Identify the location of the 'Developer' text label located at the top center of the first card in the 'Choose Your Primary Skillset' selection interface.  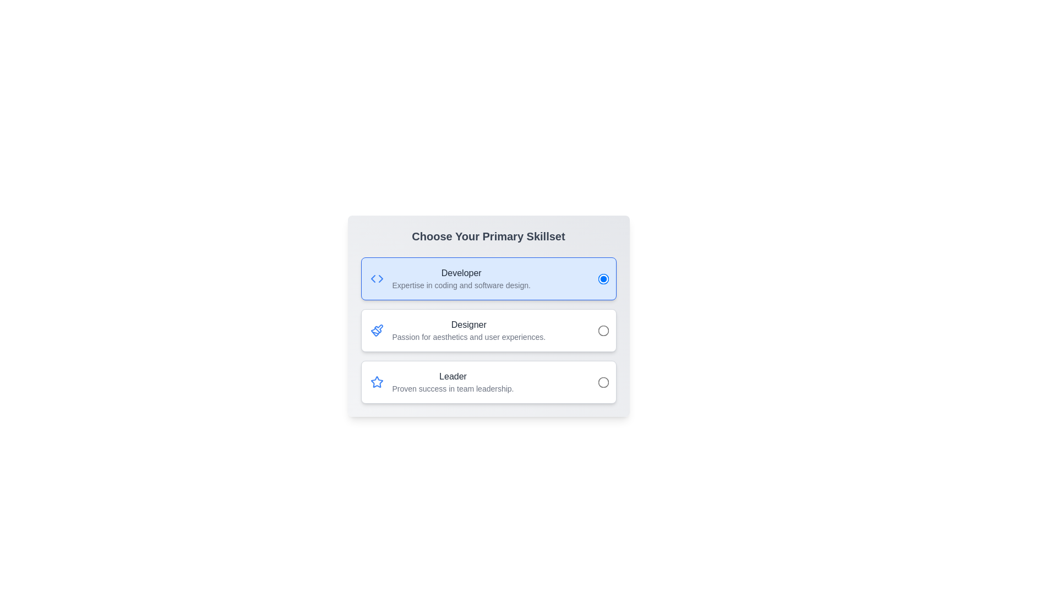
(461, 273).